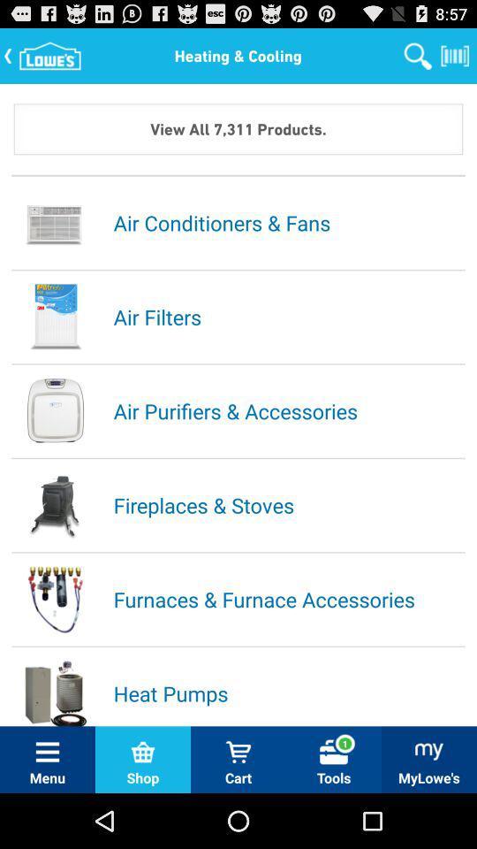 The height and width of the screenshot is (849, 477). What do you see at coordinates (288, 410) in the screenshot?
I see `the air purifiers & accessories item` at bounding box center [288, 410].